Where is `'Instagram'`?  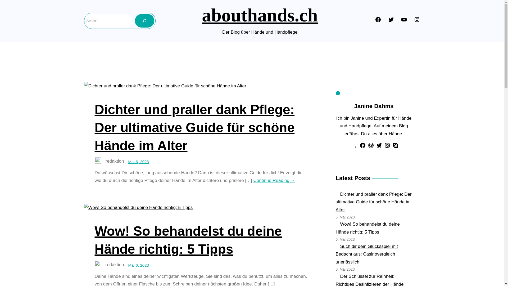
'Instagram' is located at coordinates (387, 147).